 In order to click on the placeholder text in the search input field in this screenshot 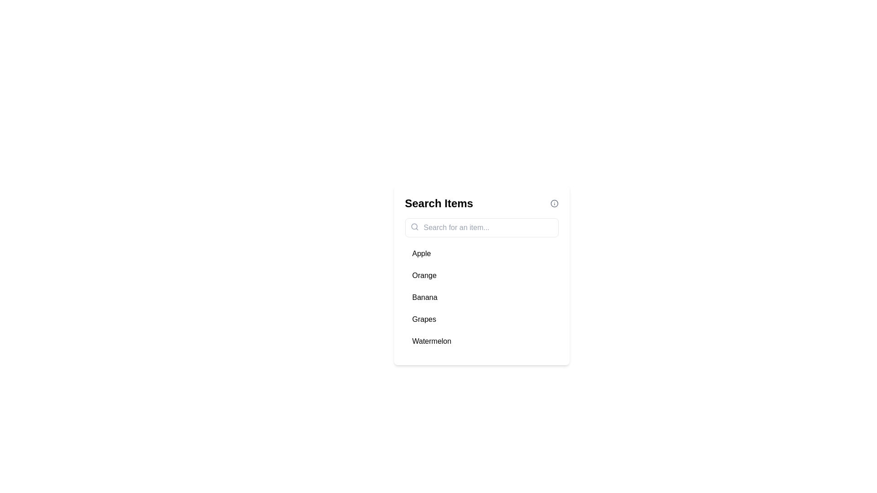, I will do `click(481, 227)`.